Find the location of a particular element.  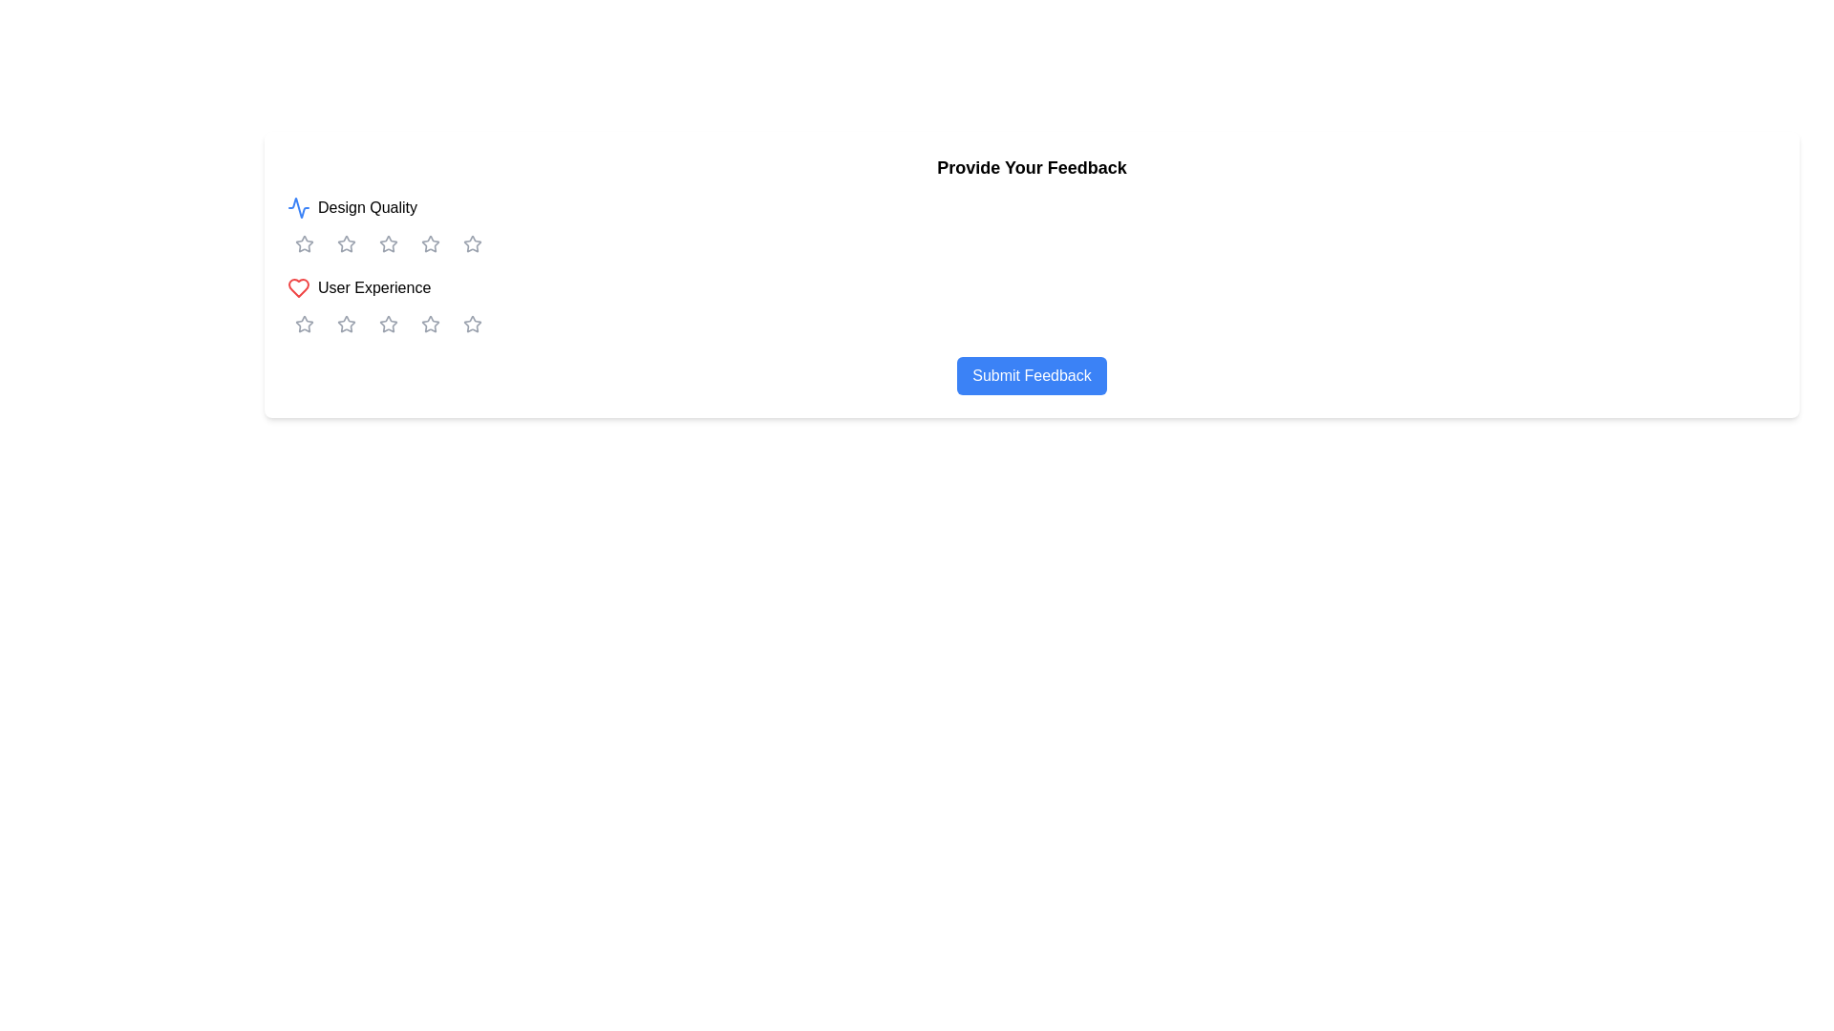

the fifth outlined star icon for ratings under the 'Design Quality' section to reset the selection is located at coordinates (430, 242).